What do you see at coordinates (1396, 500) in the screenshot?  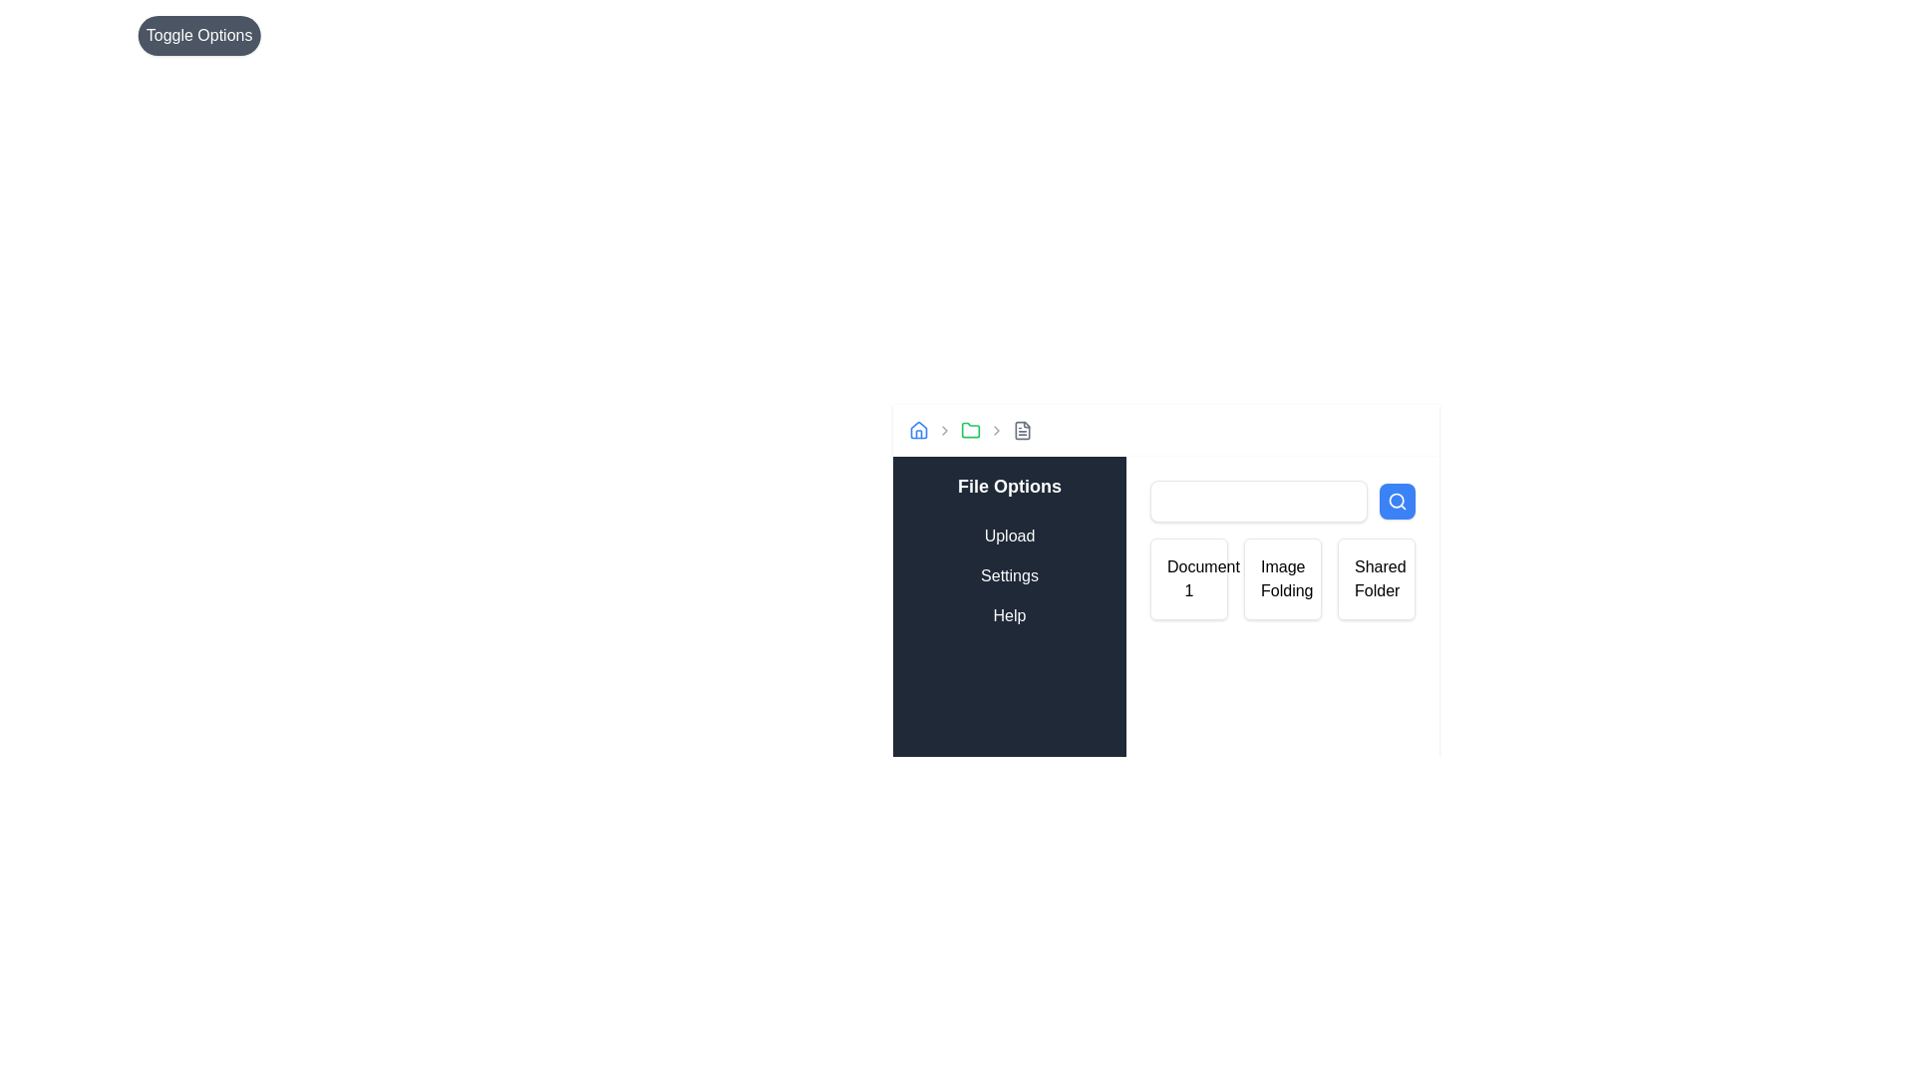 I see `the medium-sized blue button with a white search icon and rounded corners to observe the hover effect` at bounding box center [1396, 500].